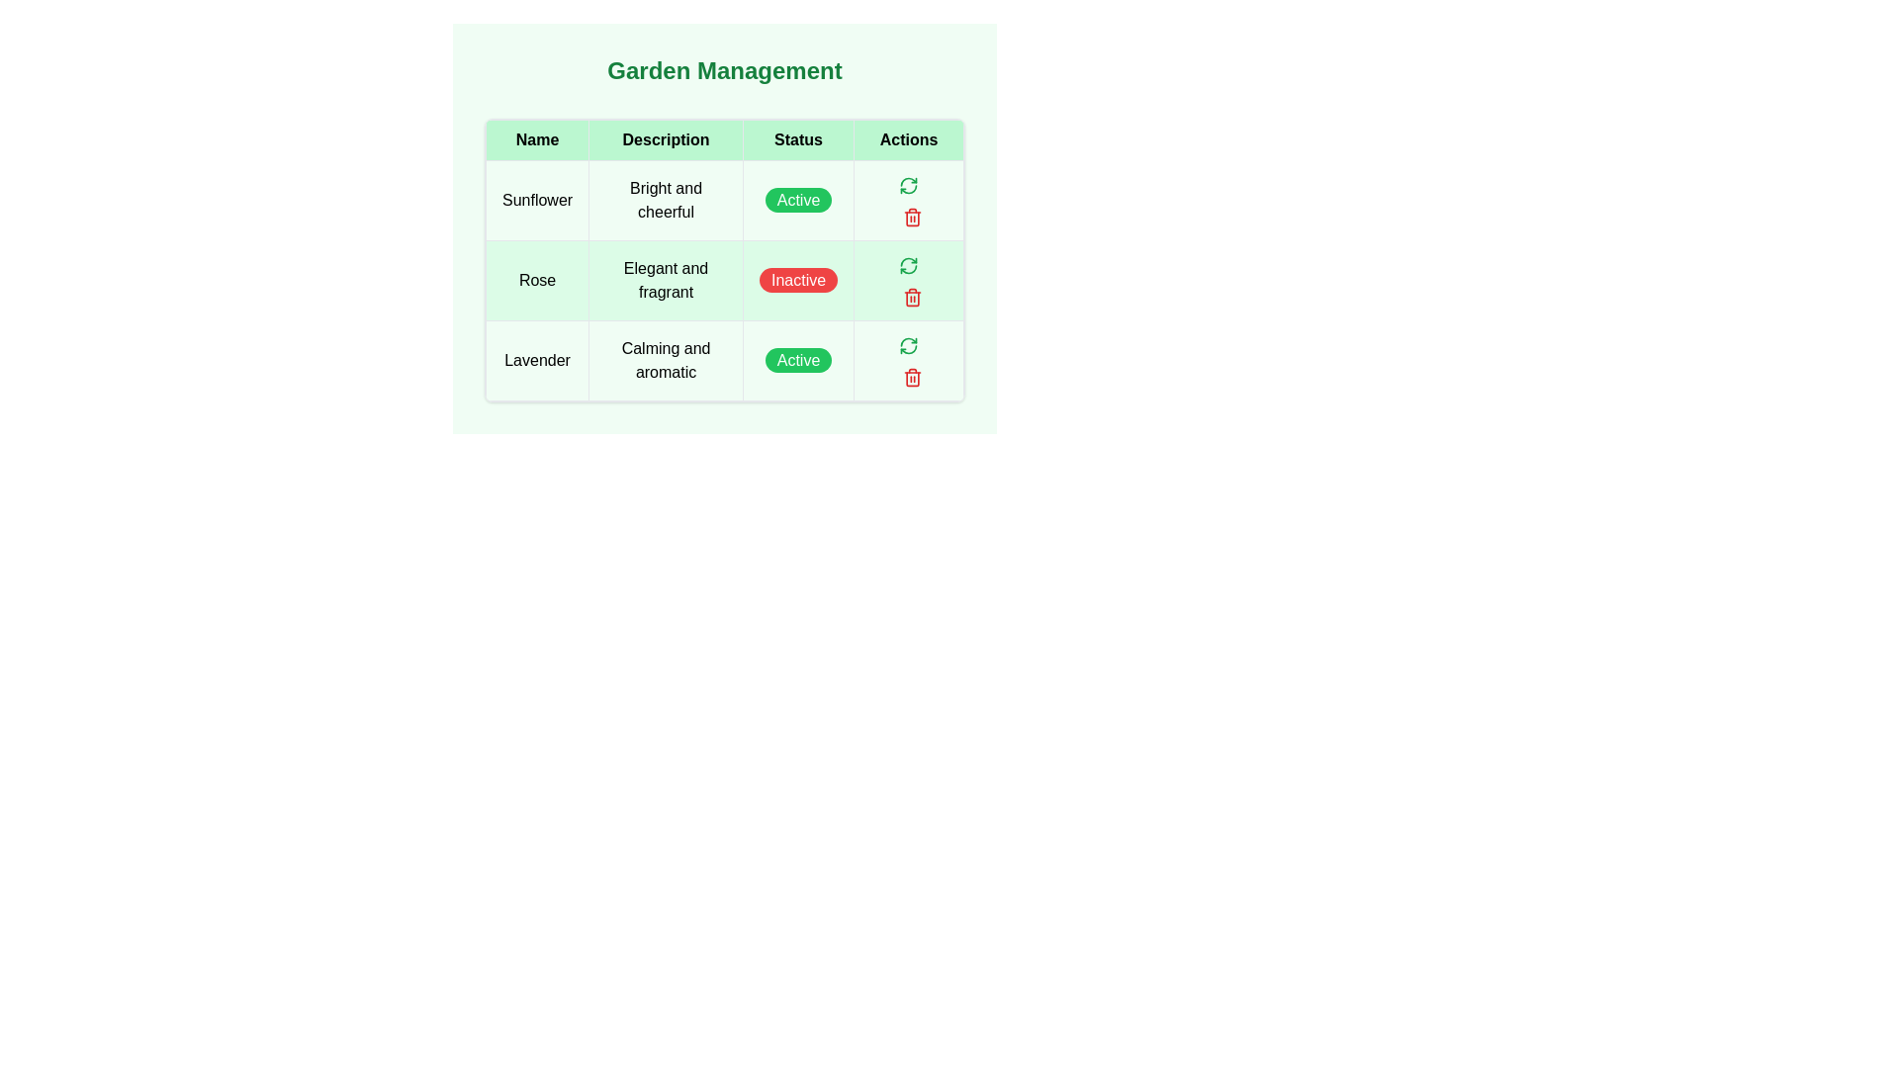 The width and height of the screenshot is (1899, 1068). What do you see at coordinates (912, 217) in the screenshot?
I see `the red-colored trash bin icon button in the 'Actions' column of the row corresponding to 'Rose'` at bounding box center [912, 217].